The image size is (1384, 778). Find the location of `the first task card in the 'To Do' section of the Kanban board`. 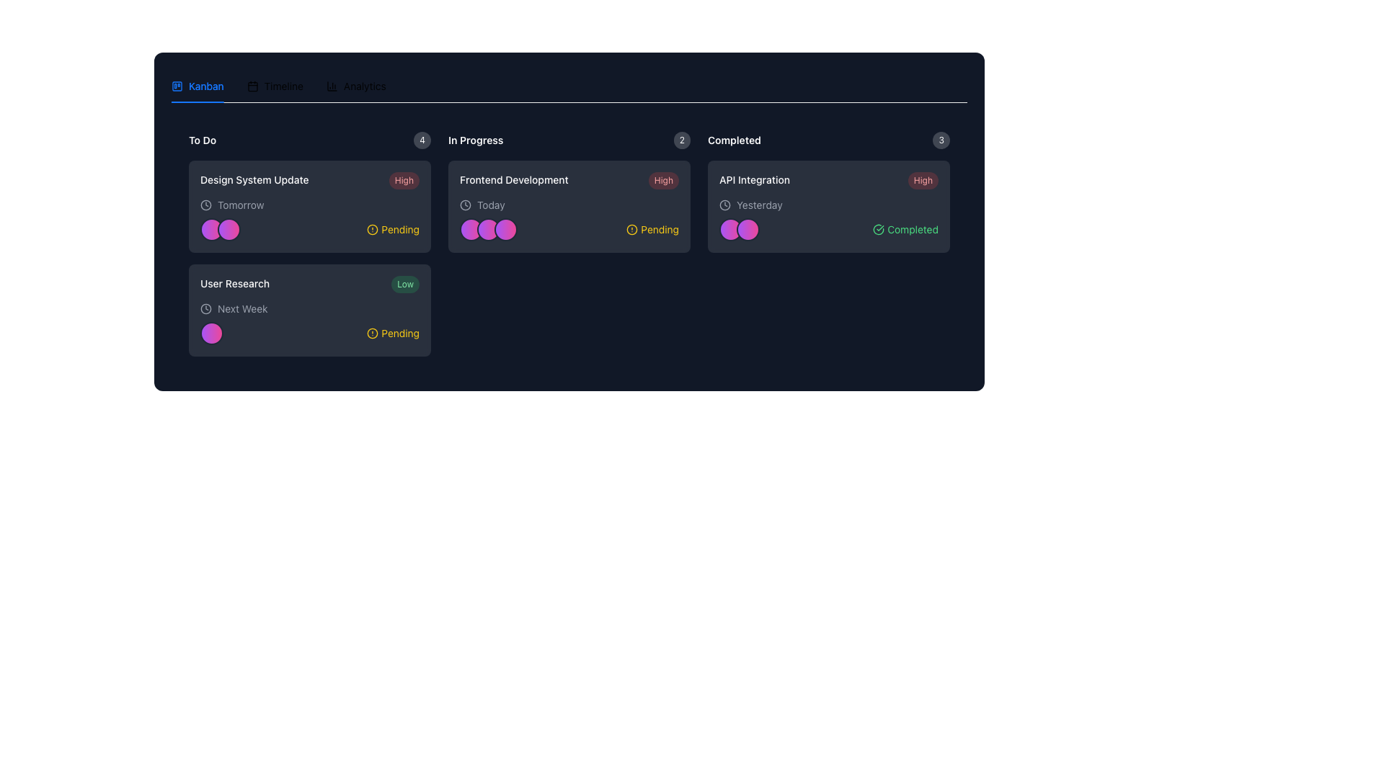

the first task card in the 'To Do' section of the Kanban board is located at coordinates (309, 206).